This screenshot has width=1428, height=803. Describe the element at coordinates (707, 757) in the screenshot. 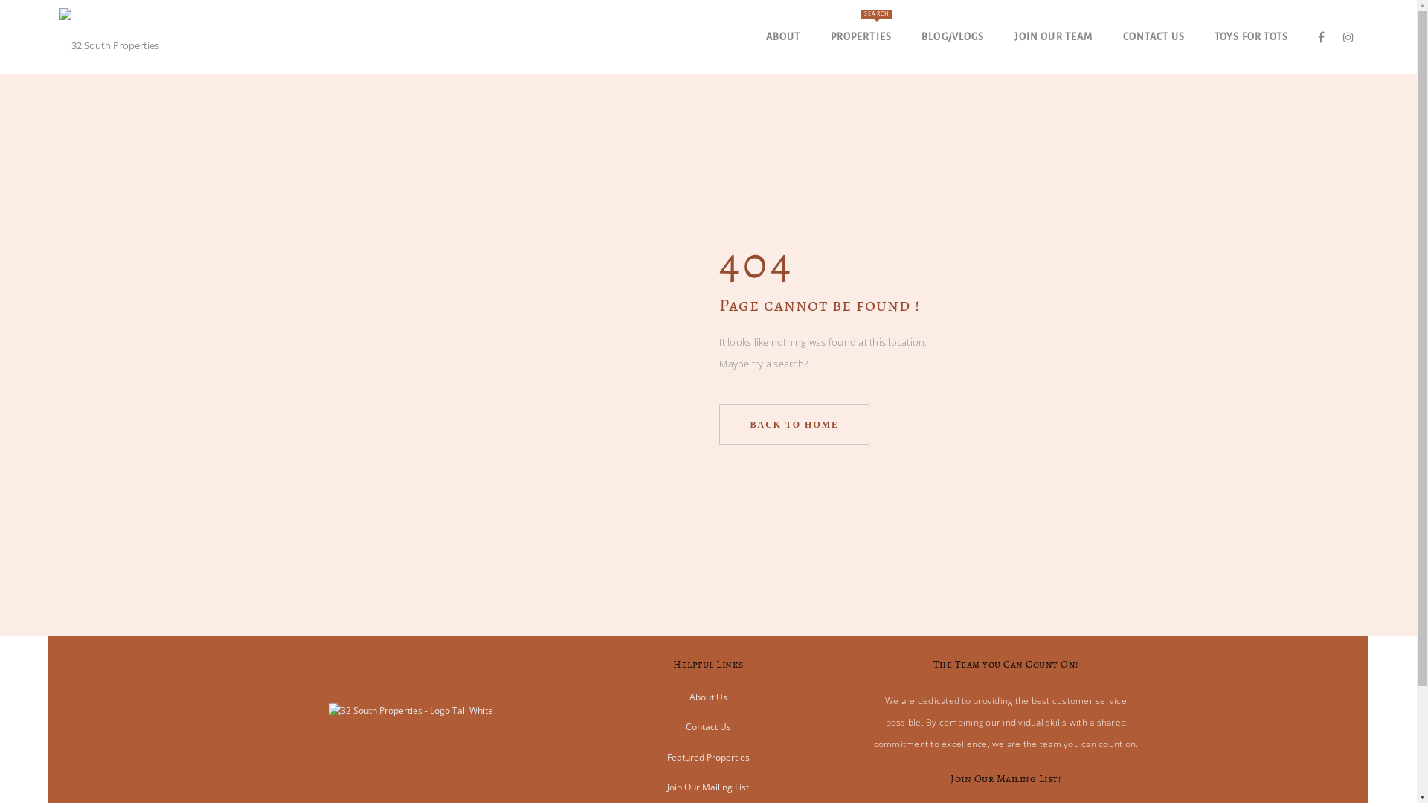

I see `'Featured Properties'` at that location.